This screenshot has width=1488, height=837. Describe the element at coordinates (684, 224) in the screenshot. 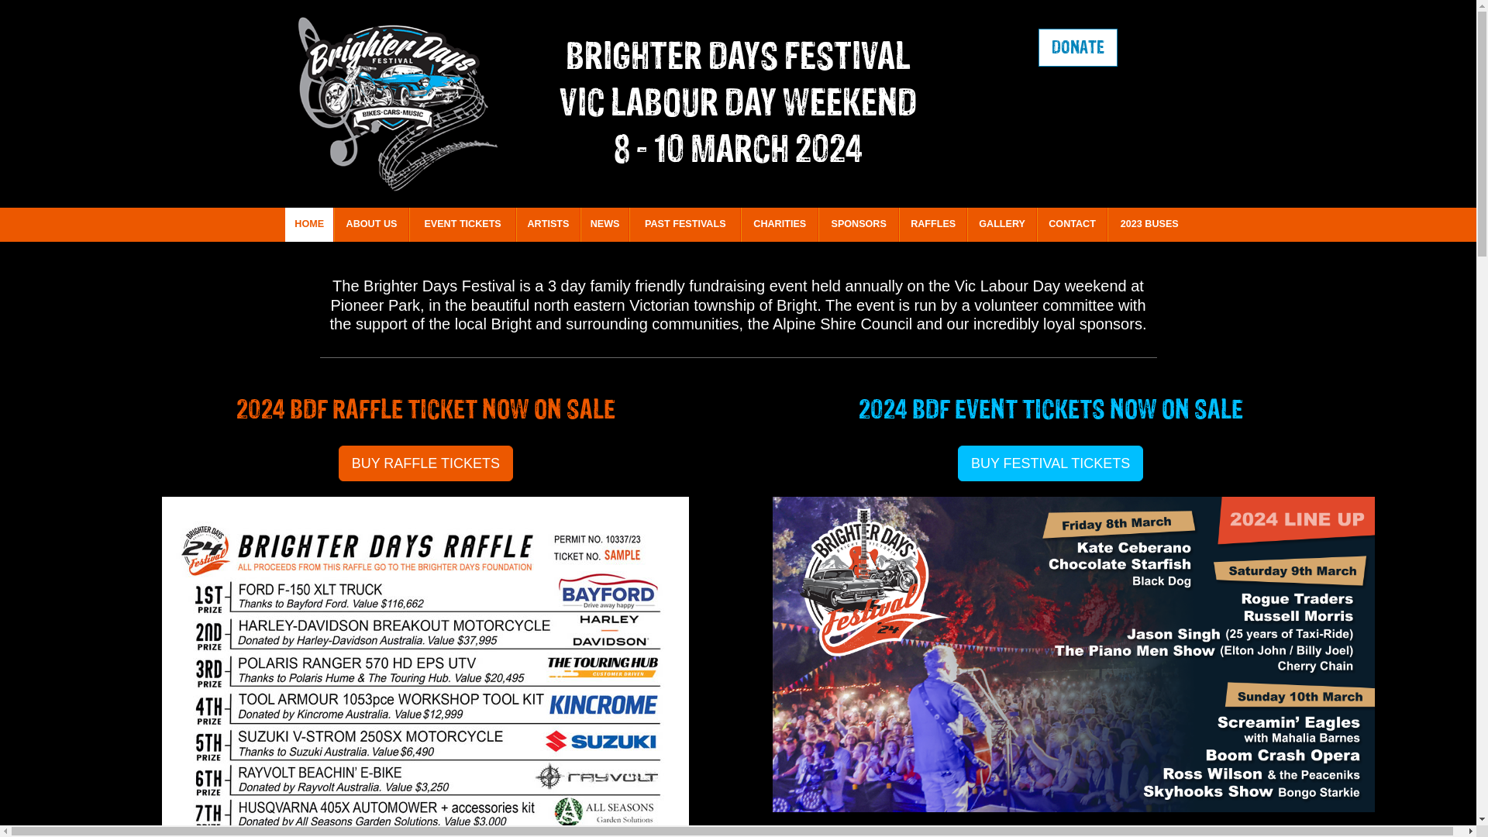

I see `'PAST FESTIVALS'` at that location.